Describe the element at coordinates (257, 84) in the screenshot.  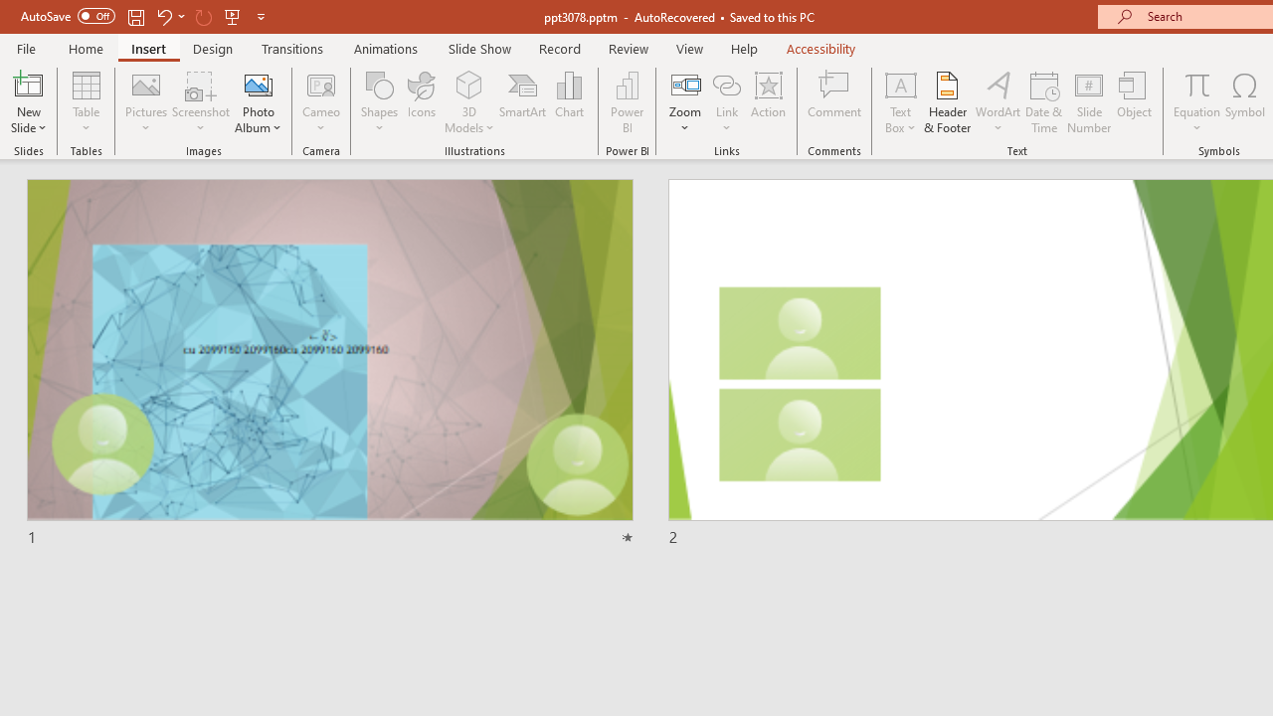
I see `'New Photo Album...'` at that location.